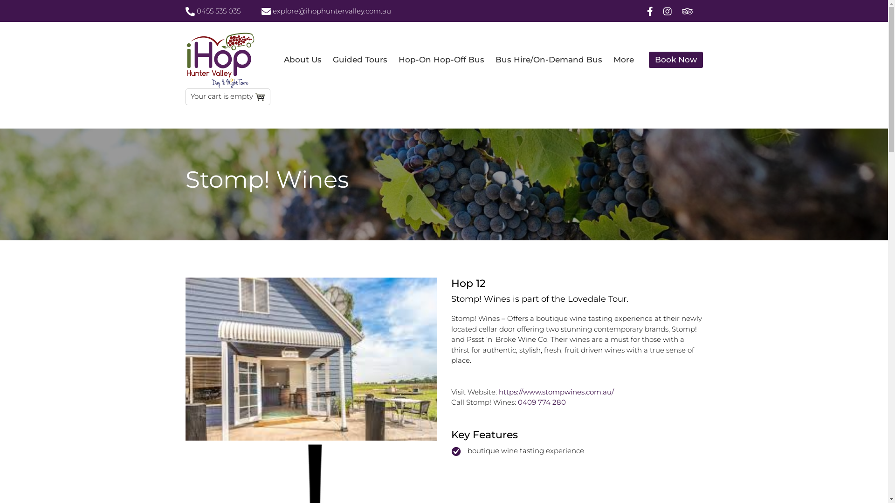  I want to click on '0455 535 035', so click(186, 11).